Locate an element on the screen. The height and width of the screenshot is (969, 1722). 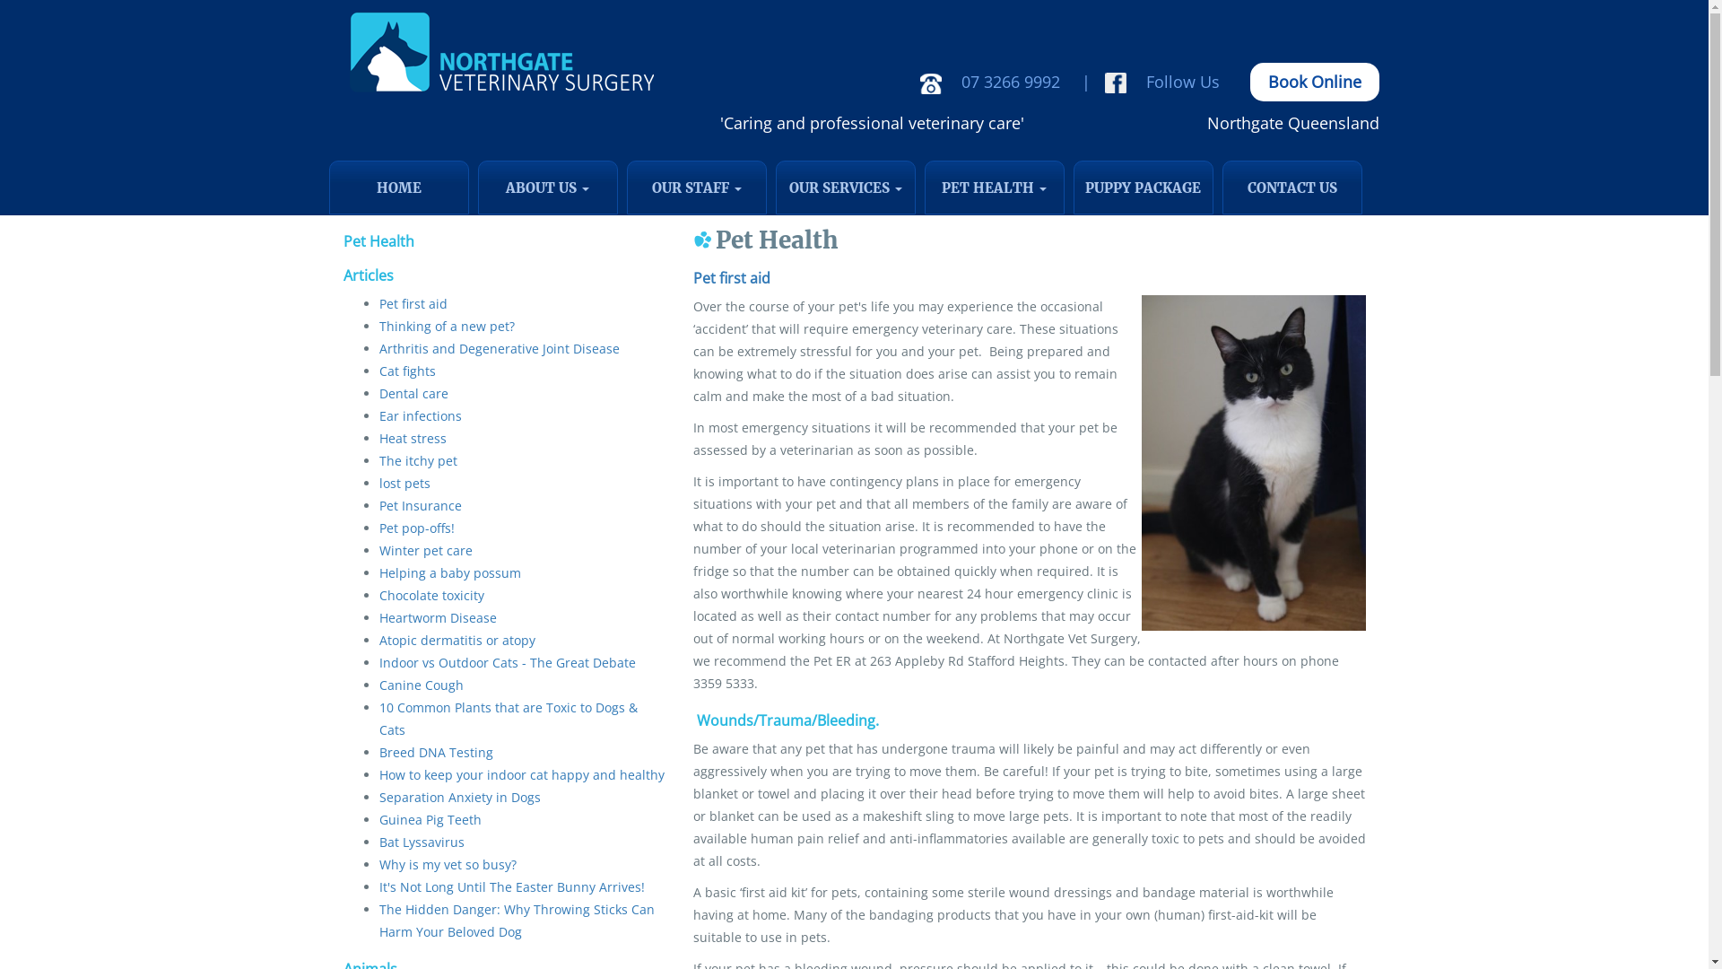
'PET HEALTH' is located at coordinates (924, 187).